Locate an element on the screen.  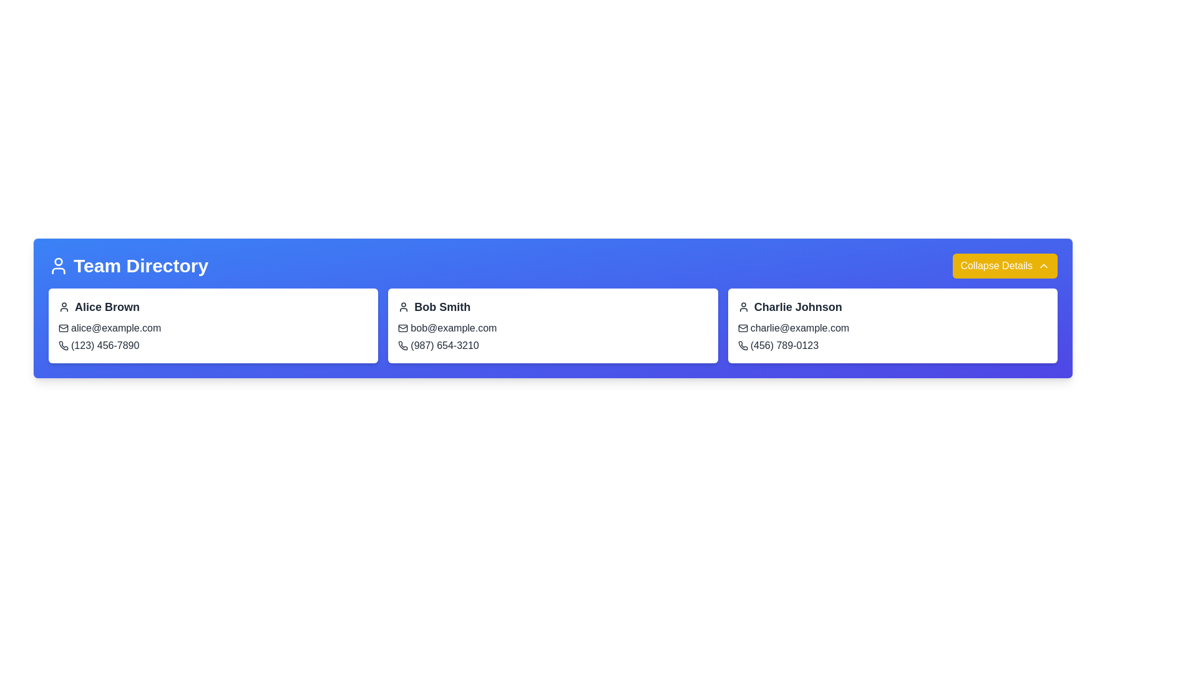
the email address label for 'Charlie Johnson' in their profile card to copy it is located at coordinates (793, 328).